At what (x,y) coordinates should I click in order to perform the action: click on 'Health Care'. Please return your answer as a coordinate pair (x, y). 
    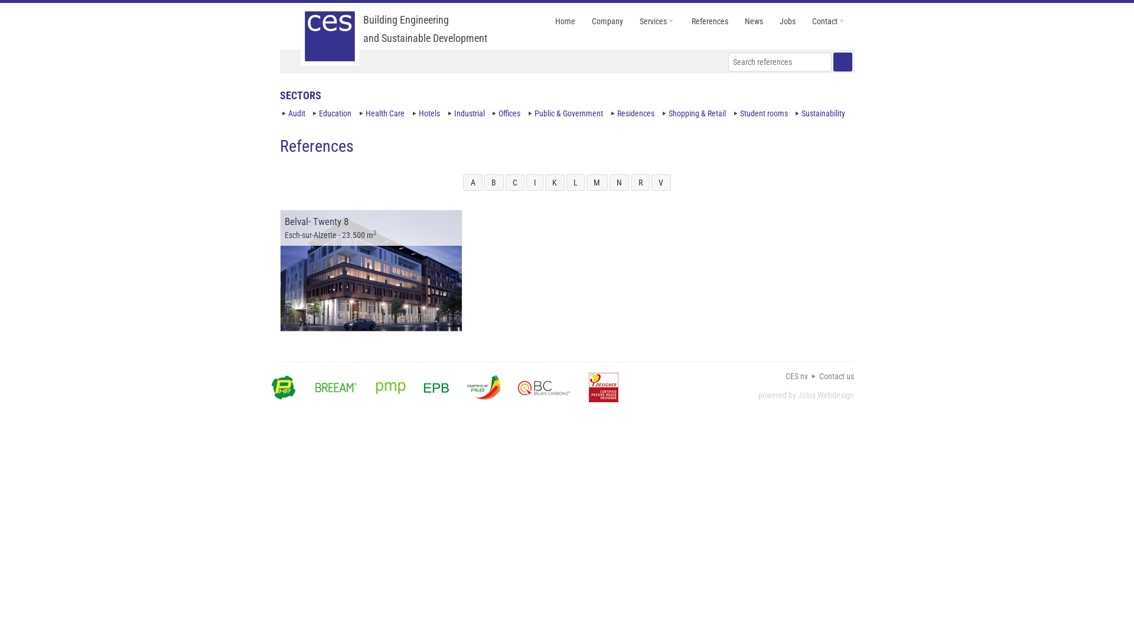
    Looking at the image, I should click on (365, 113).